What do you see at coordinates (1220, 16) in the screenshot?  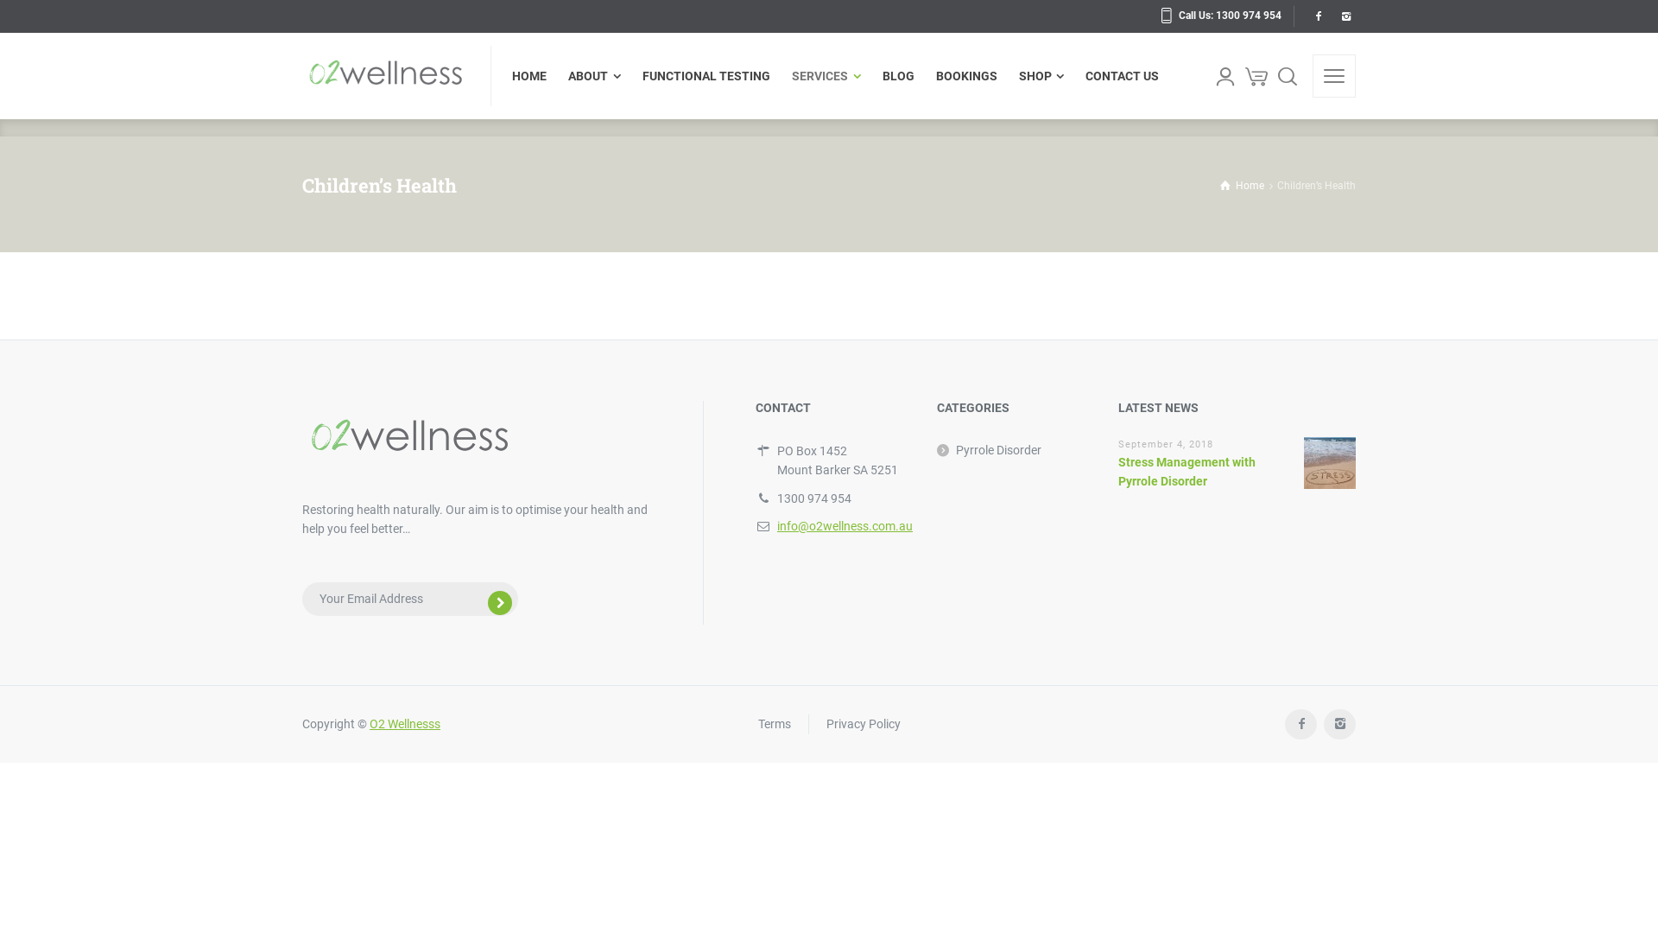 I see `'Call Us: 1300 974 954'` at bounding box center [1220, 16].